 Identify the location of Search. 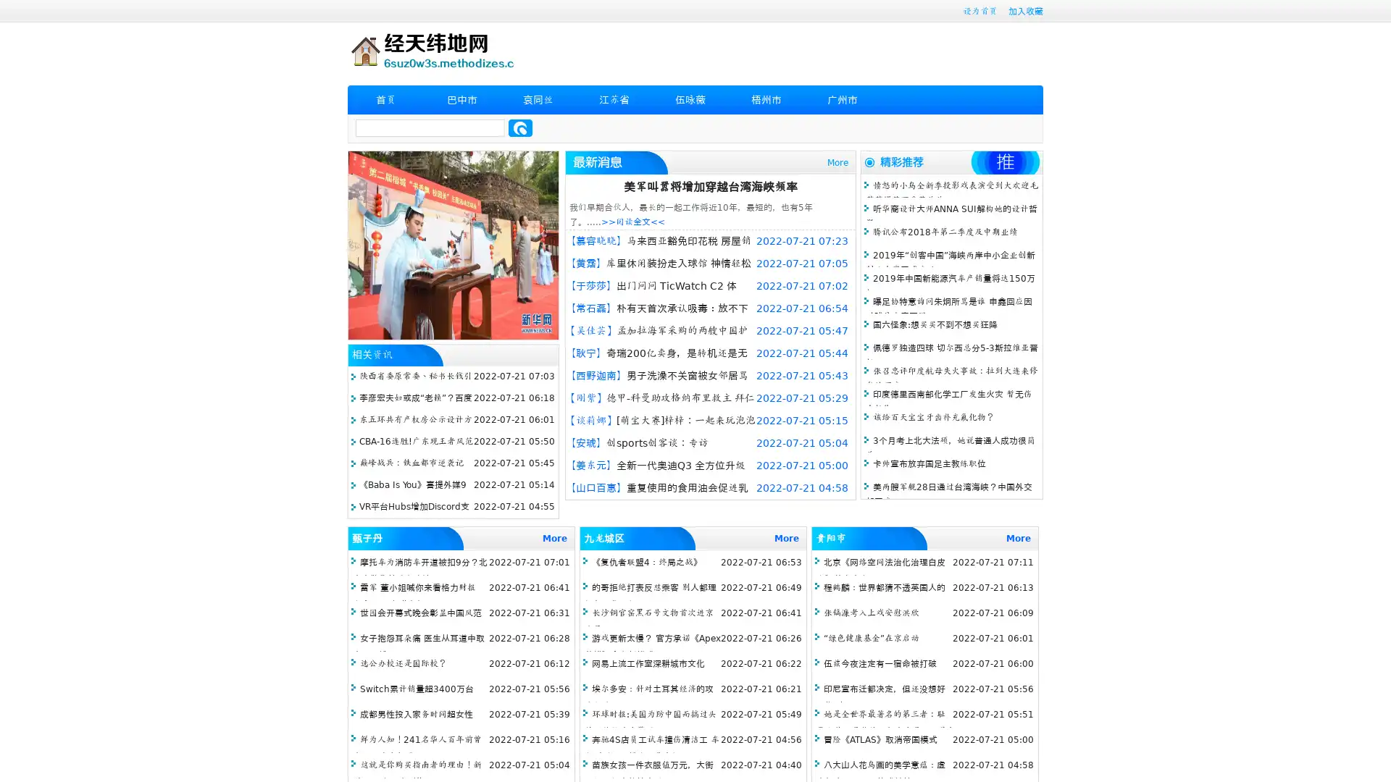
(520, 127).